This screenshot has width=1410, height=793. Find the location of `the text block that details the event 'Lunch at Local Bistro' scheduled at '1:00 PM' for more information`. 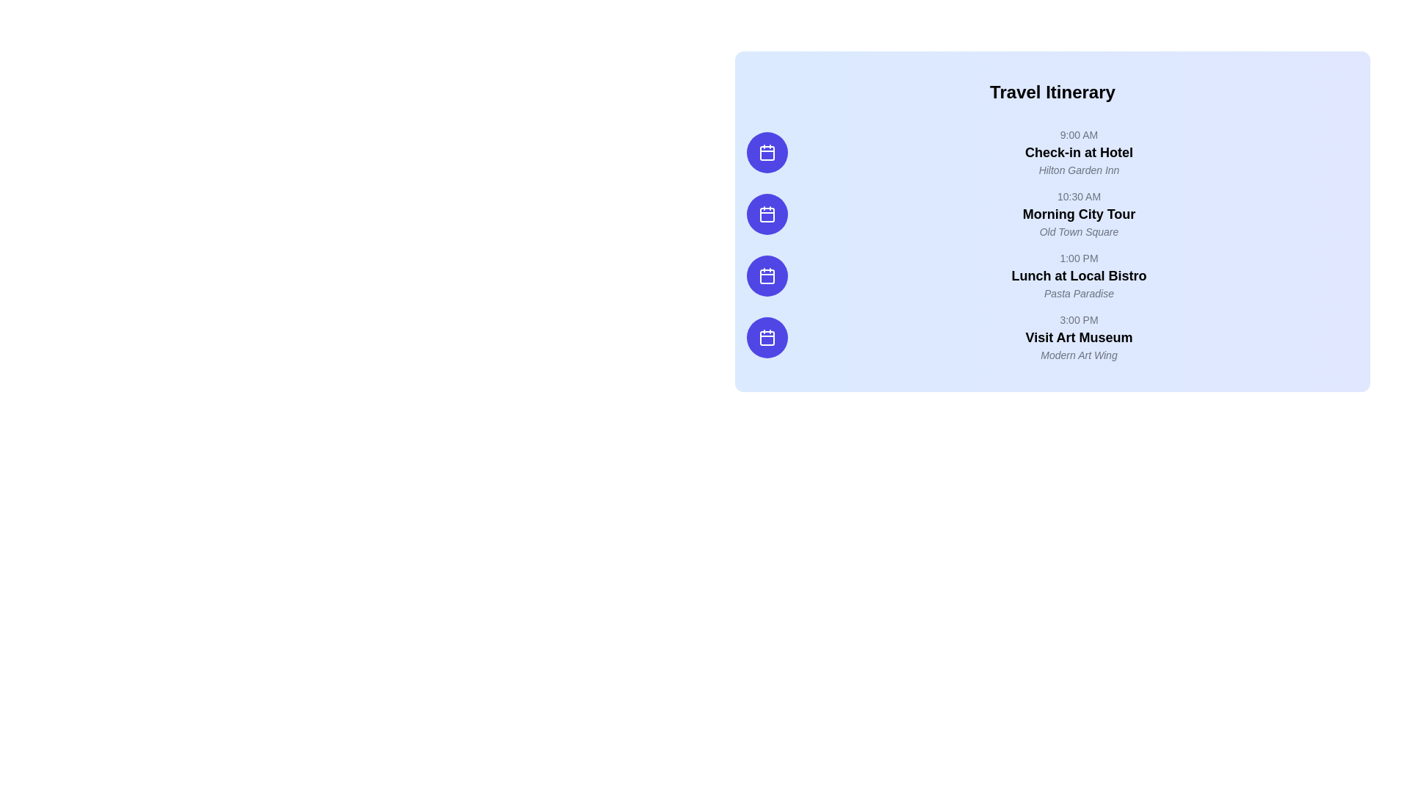

the text block that details the event 'Lunch at Local Bistro' scheduled at '1:00 PM' for more information is located at coordinates (1079, 275).